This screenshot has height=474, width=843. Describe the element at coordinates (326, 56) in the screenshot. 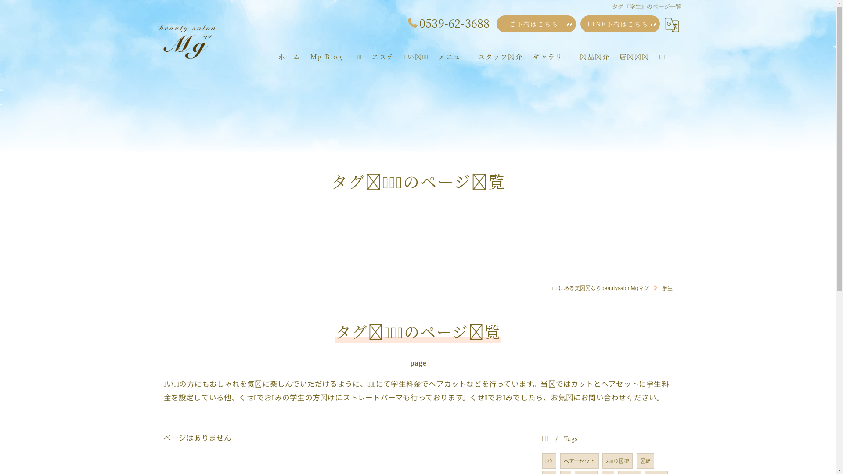

I see `'Mg Blog'` at that location.